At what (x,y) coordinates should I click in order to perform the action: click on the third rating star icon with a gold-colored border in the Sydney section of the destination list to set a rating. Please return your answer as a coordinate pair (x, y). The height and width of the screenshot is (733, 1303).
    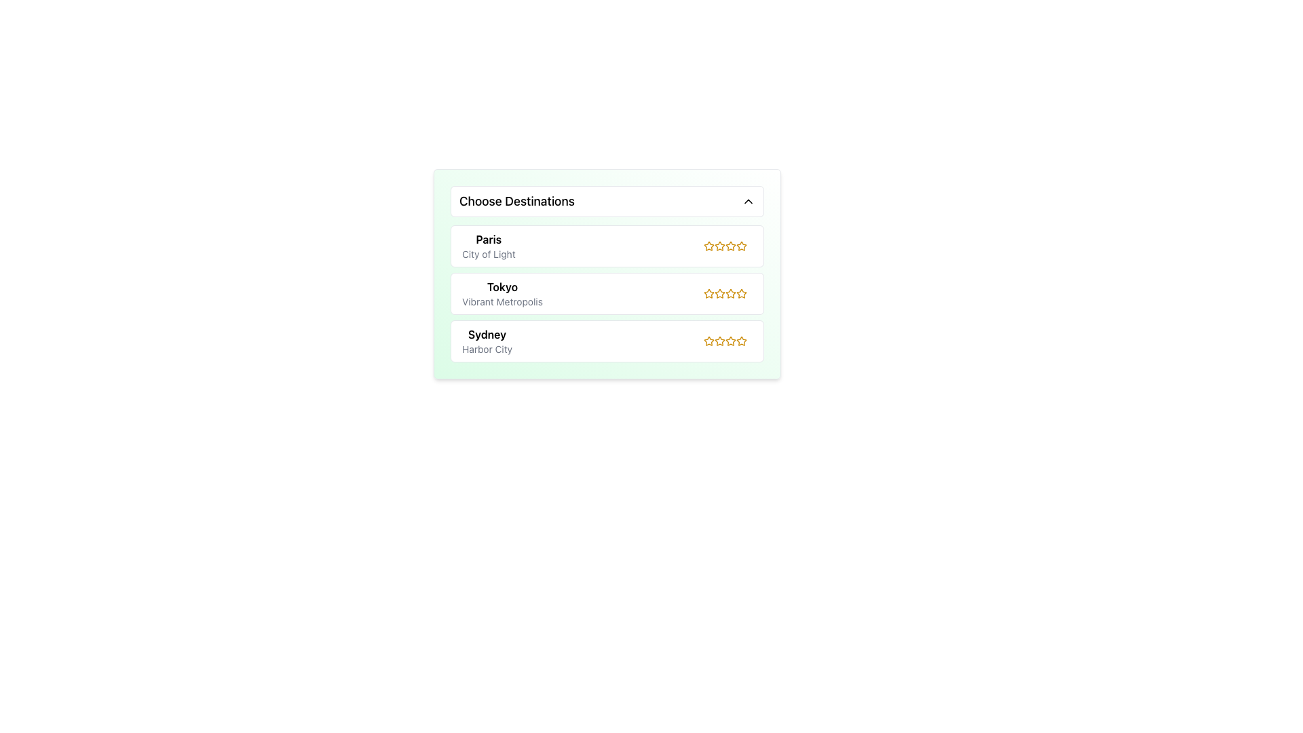
    Looking at the image, I should click on (719, 340).